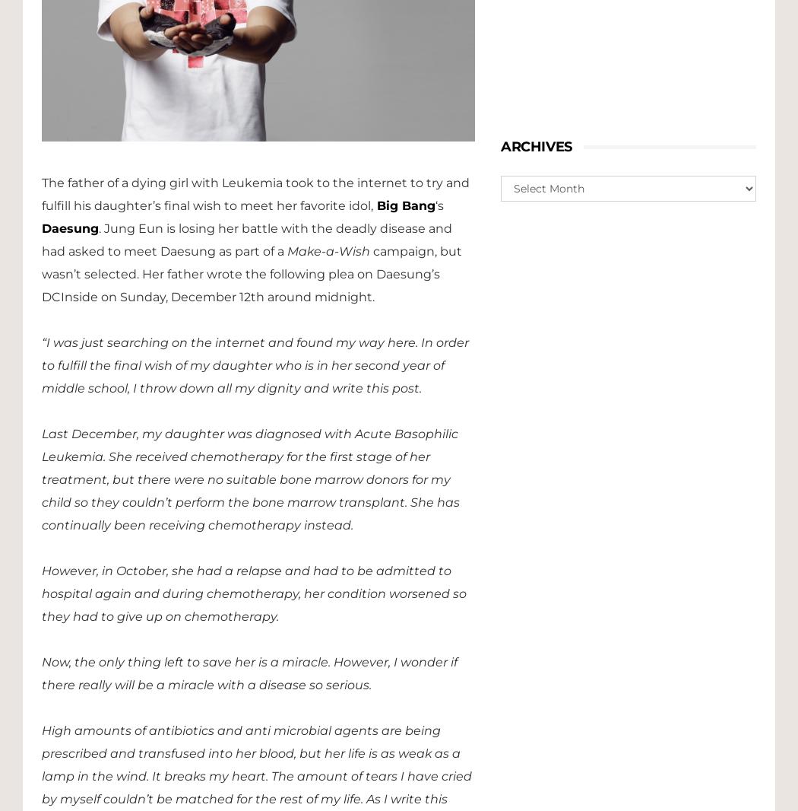 This screenshot has height=811, width=798. Describe the element at coordinates (328, 250) in the screenshot. I see `'Make-a-Wish'` at that location.